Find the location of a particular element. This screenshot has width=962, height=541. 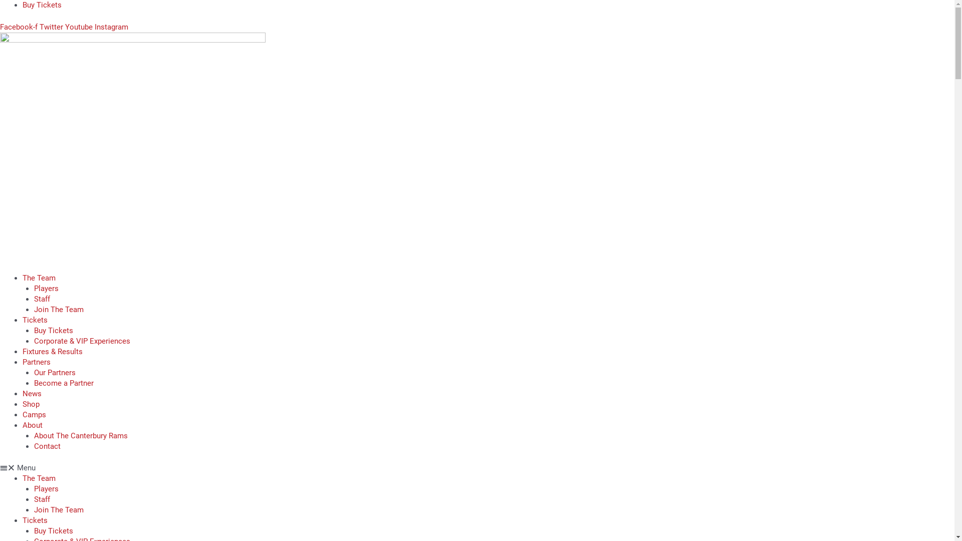

'Facebook-f' is located at coordinates (0, 26).